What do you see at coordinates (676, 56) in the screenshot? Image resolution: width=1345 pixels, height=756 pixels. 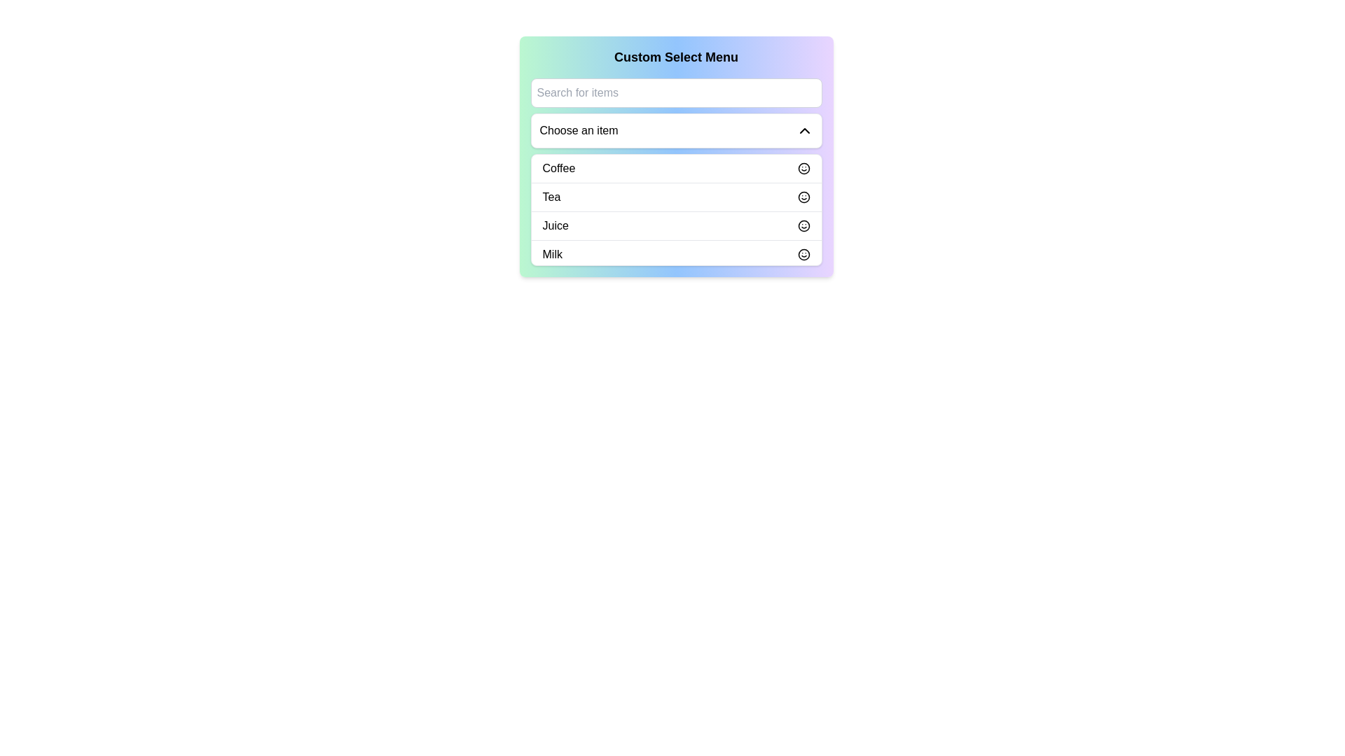 I see `the 'Custom Select Menu' text label, which is styled with a bold and large font and positioned at the top of a panel containing a select menu` at bounding box center [676, 56].